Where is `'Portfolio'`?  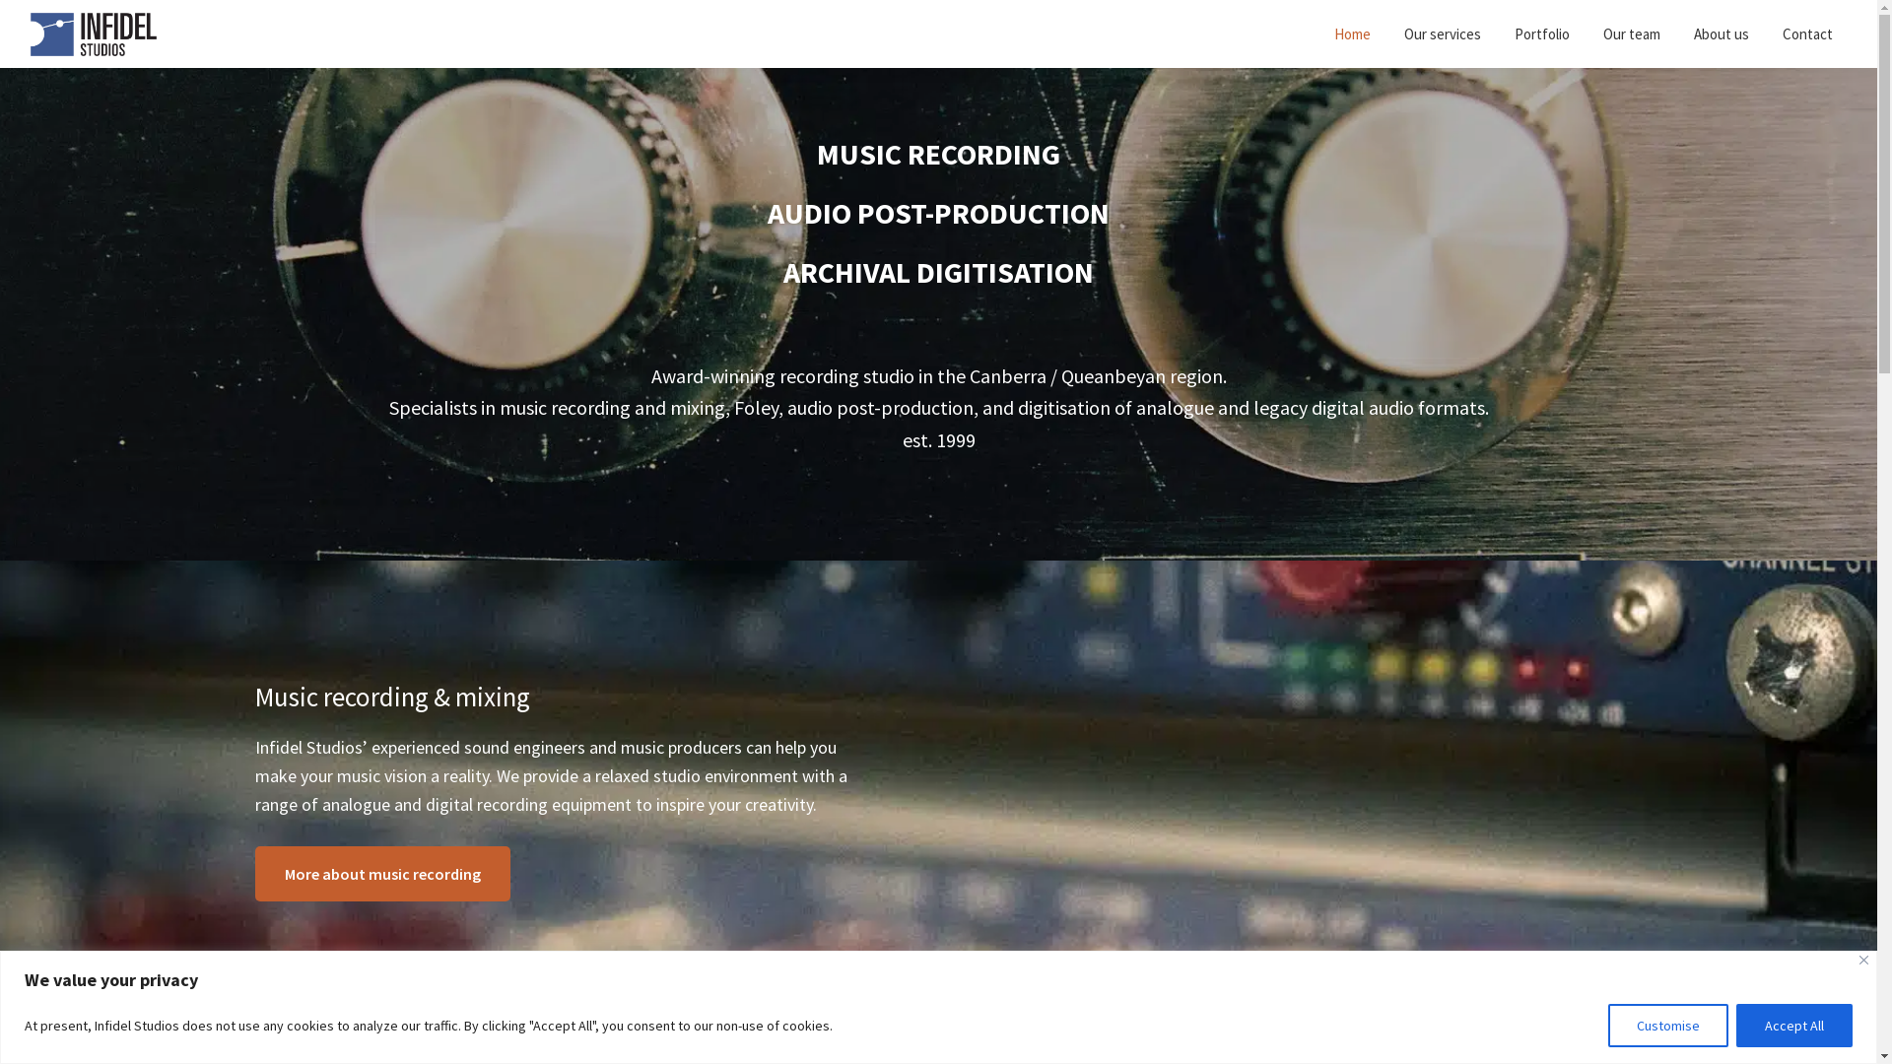 'Portfolio' is located at coordinates (1540, 33).